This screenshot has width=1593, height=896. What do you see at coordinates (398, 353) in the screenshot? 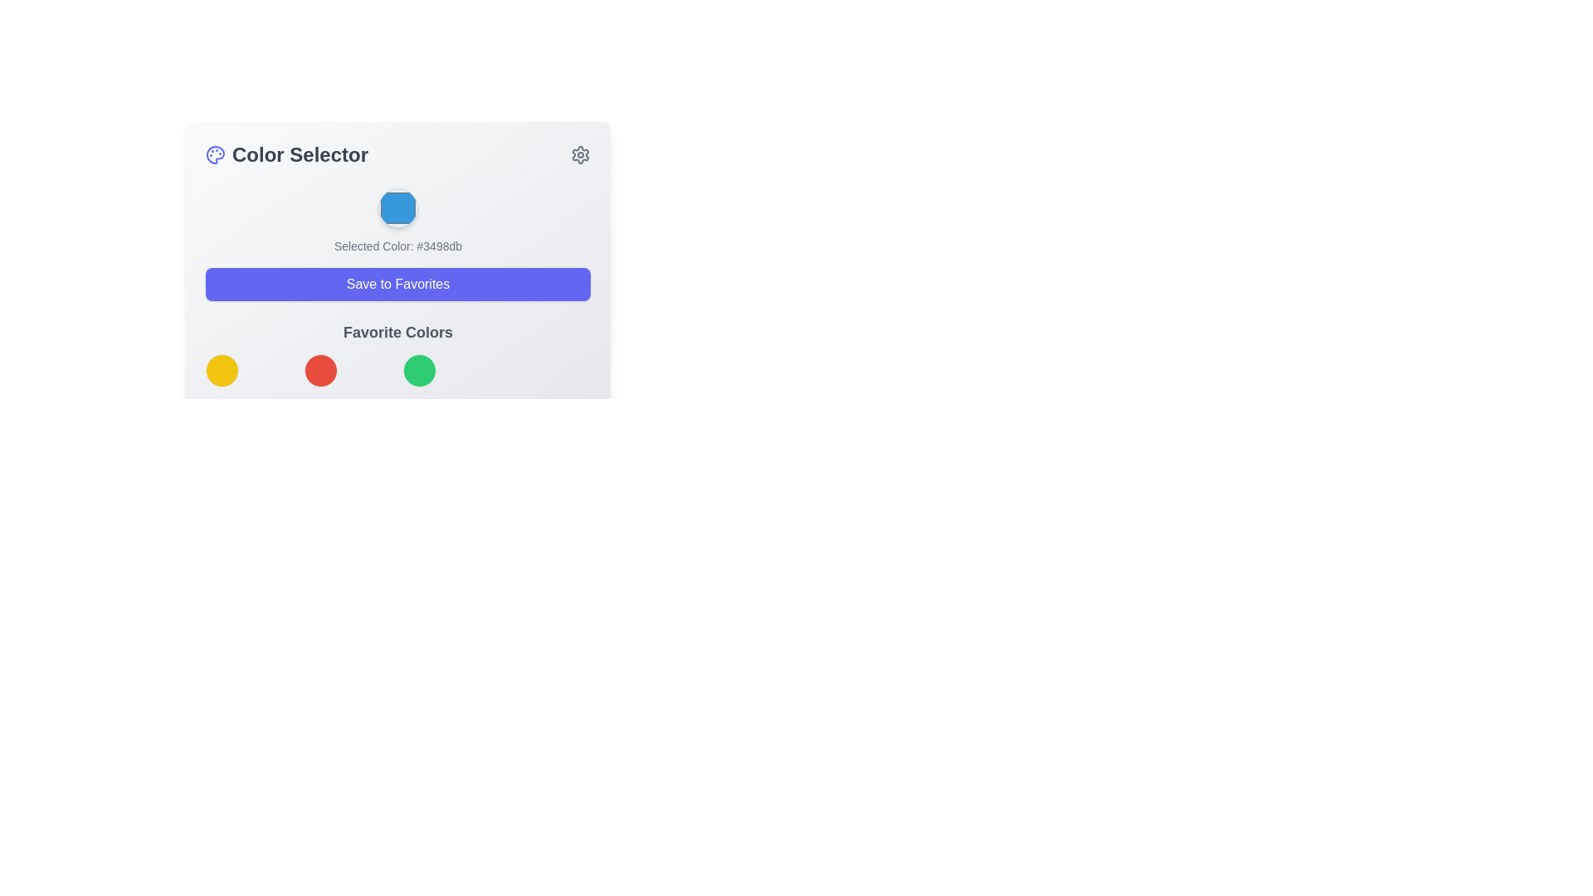
I see `any color circle within the 'Favorite Colors' section, which is positioned below the 'Save to Favorites' button and features a grid of distinct circular color options` at bounding box center [398, 353].